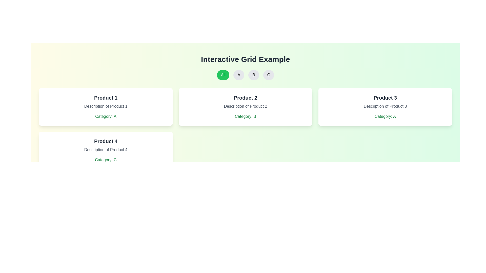  I want to click on the Text label that provides descriptive details about 'Product 4', located in the lower part of the card under the title 'Product 4', so click(105, 150).